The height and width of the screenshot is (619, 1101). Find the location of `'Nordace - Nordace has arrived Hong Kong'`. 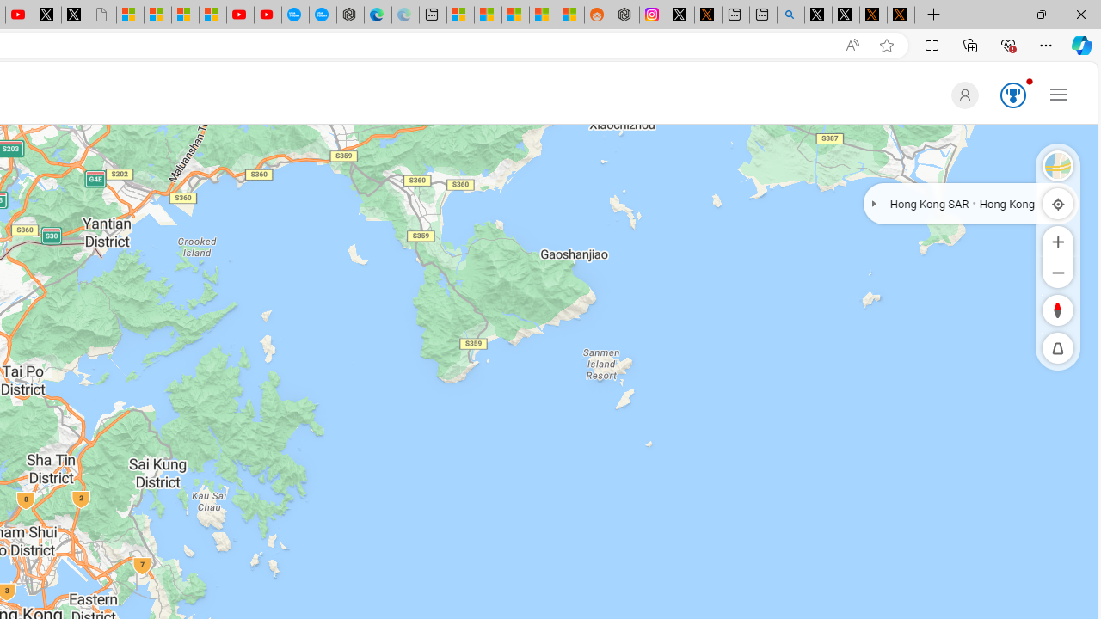

'Nordace - Nordace has arrived Hong Kong' is located at coordinates (349, 15).